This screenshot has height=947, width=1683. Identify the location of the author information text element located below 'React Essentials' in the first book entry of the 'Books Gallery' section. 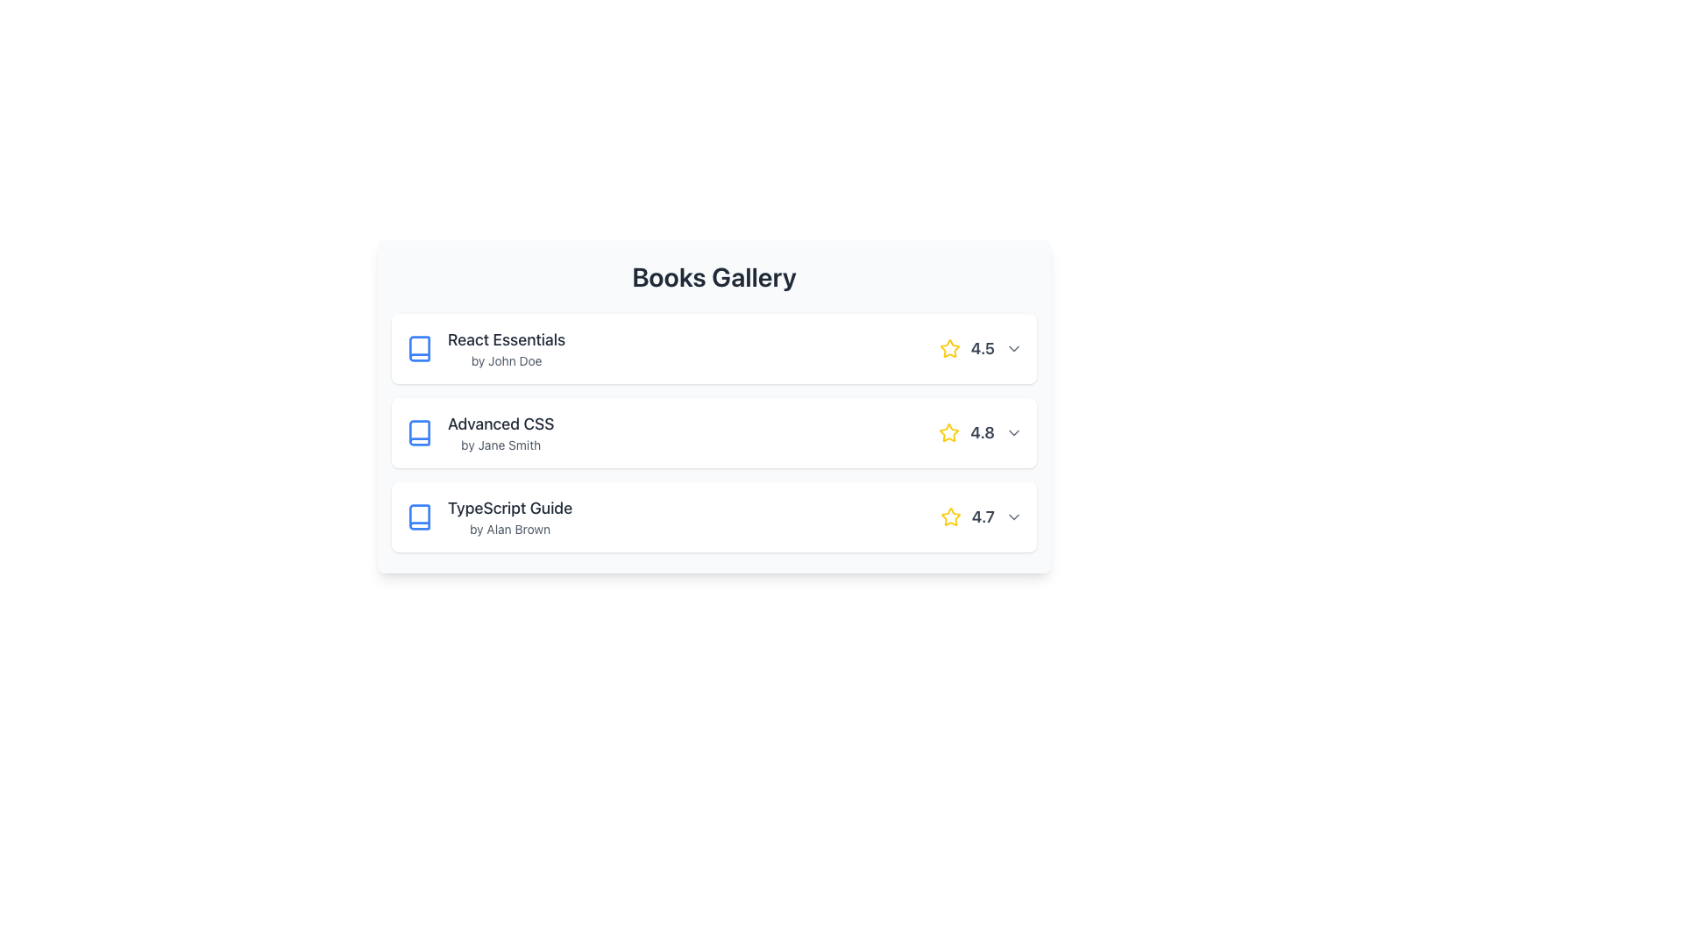
(506, 360).